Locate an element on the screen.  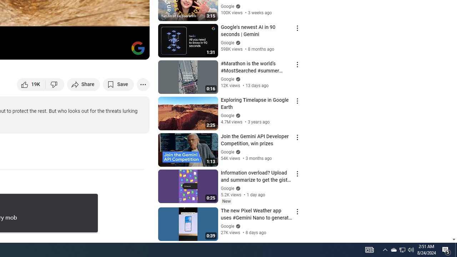
'Share' is located at coordinates (84, 84).